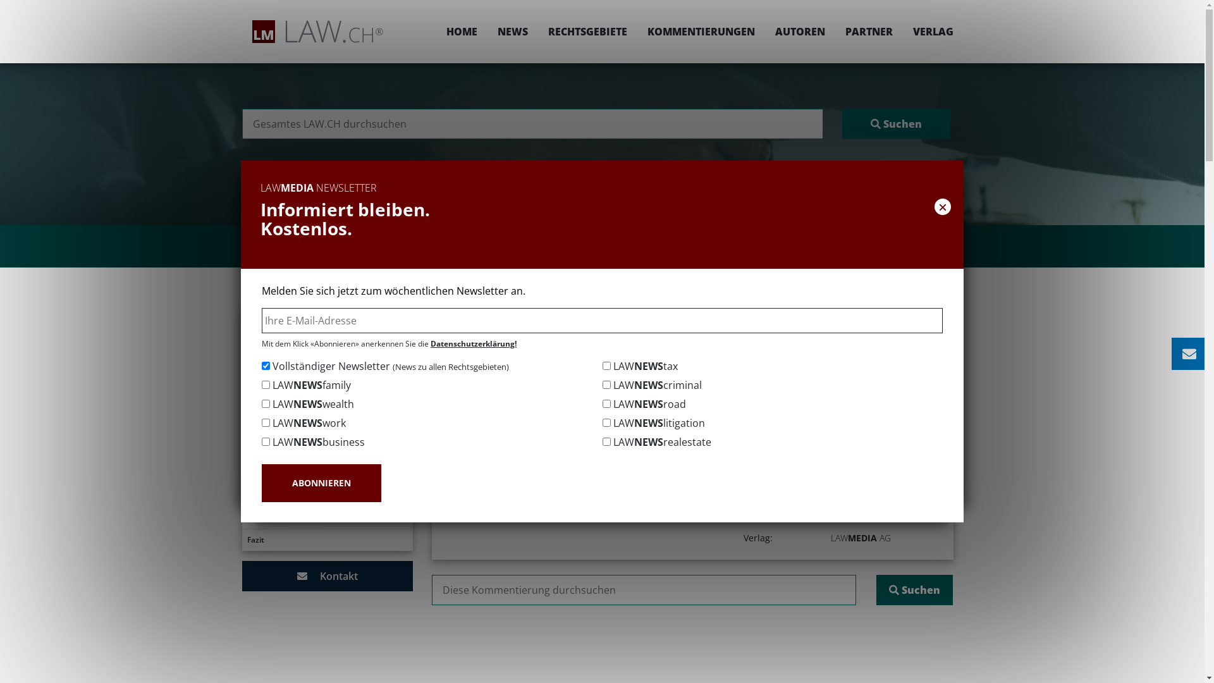 This screenshot has width=1214, height=683. What do you see at coordinates (512, 31) in the screenshot?
I see `'NEWS'` at bounding box center [512, 31].